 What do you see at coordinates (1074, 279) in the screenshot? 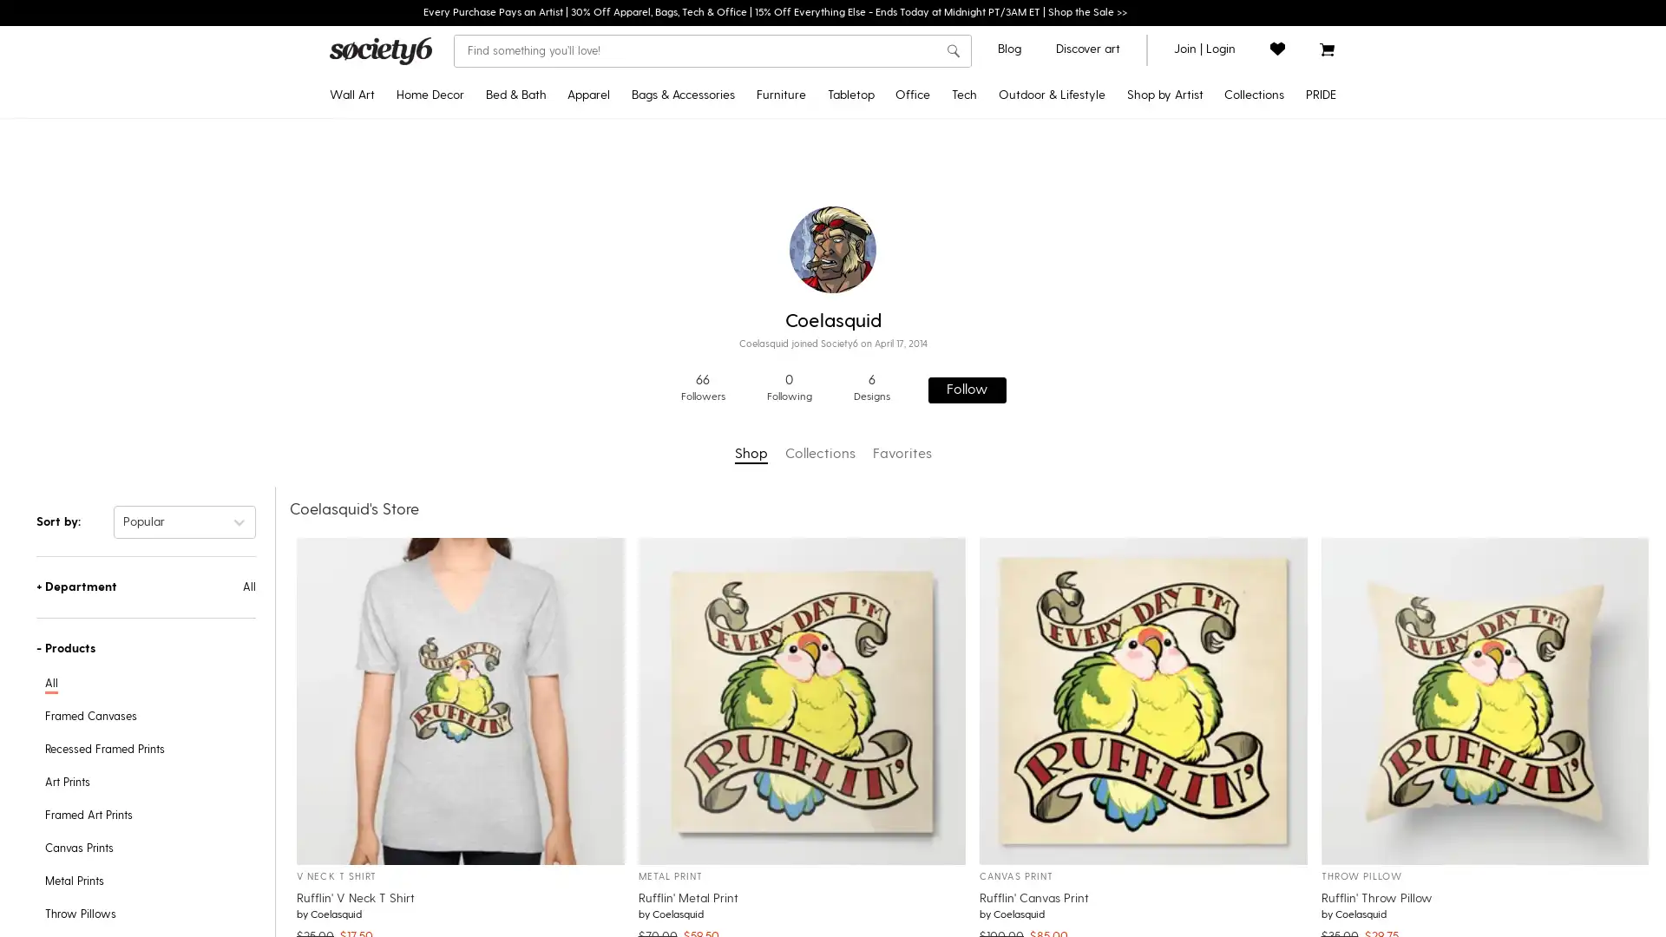
I see `Outdoor Throw Pillows` at bounding box center [1074, 279].